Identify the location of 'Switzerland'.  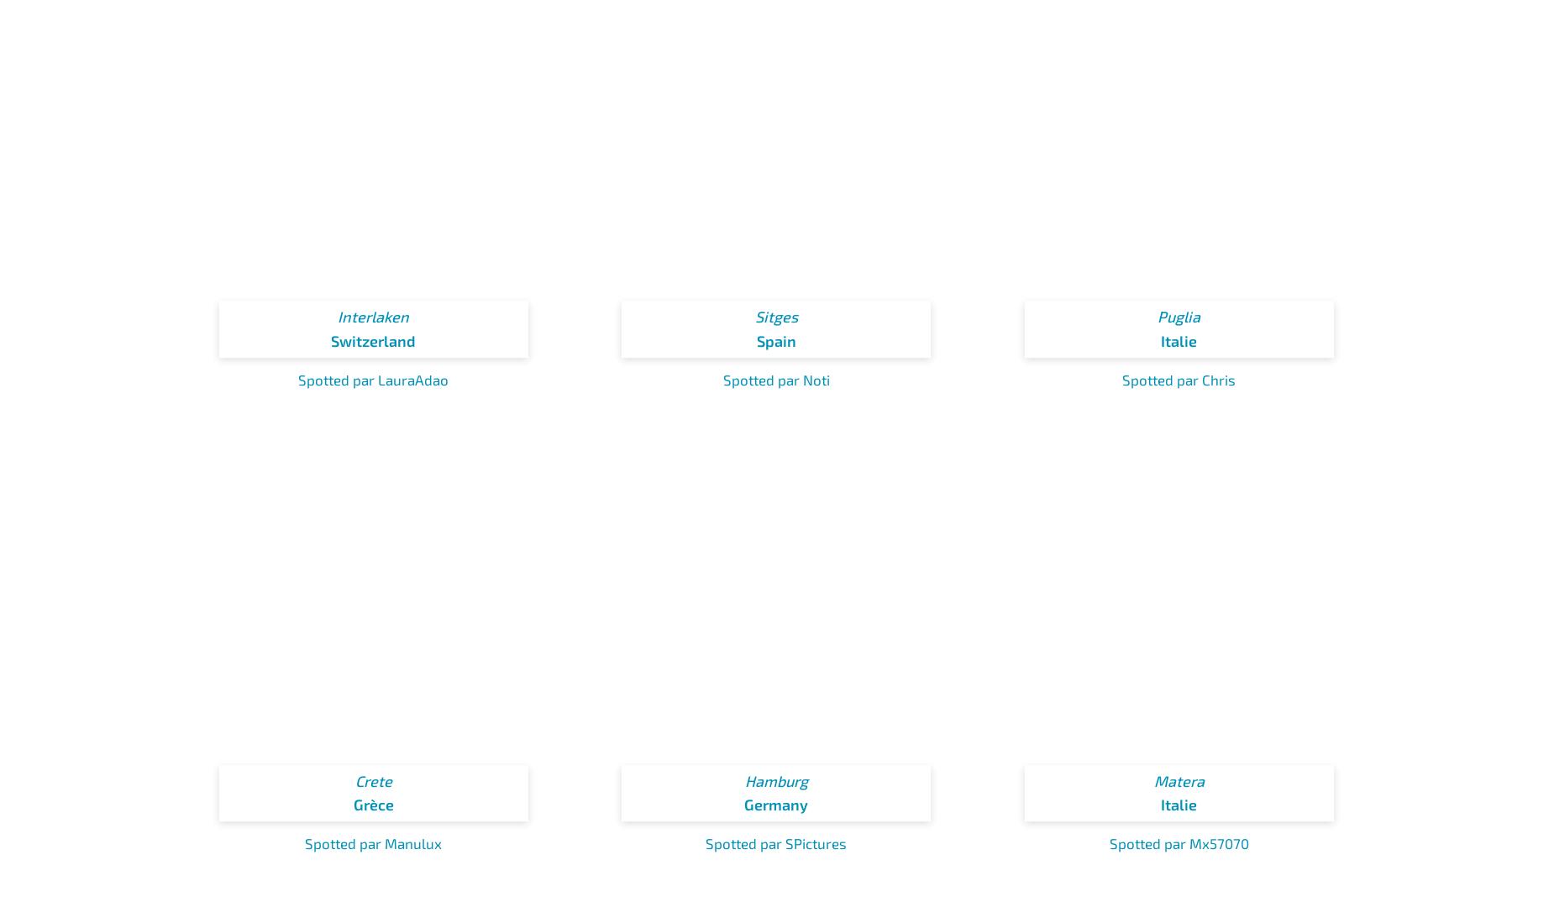
(330, 340).